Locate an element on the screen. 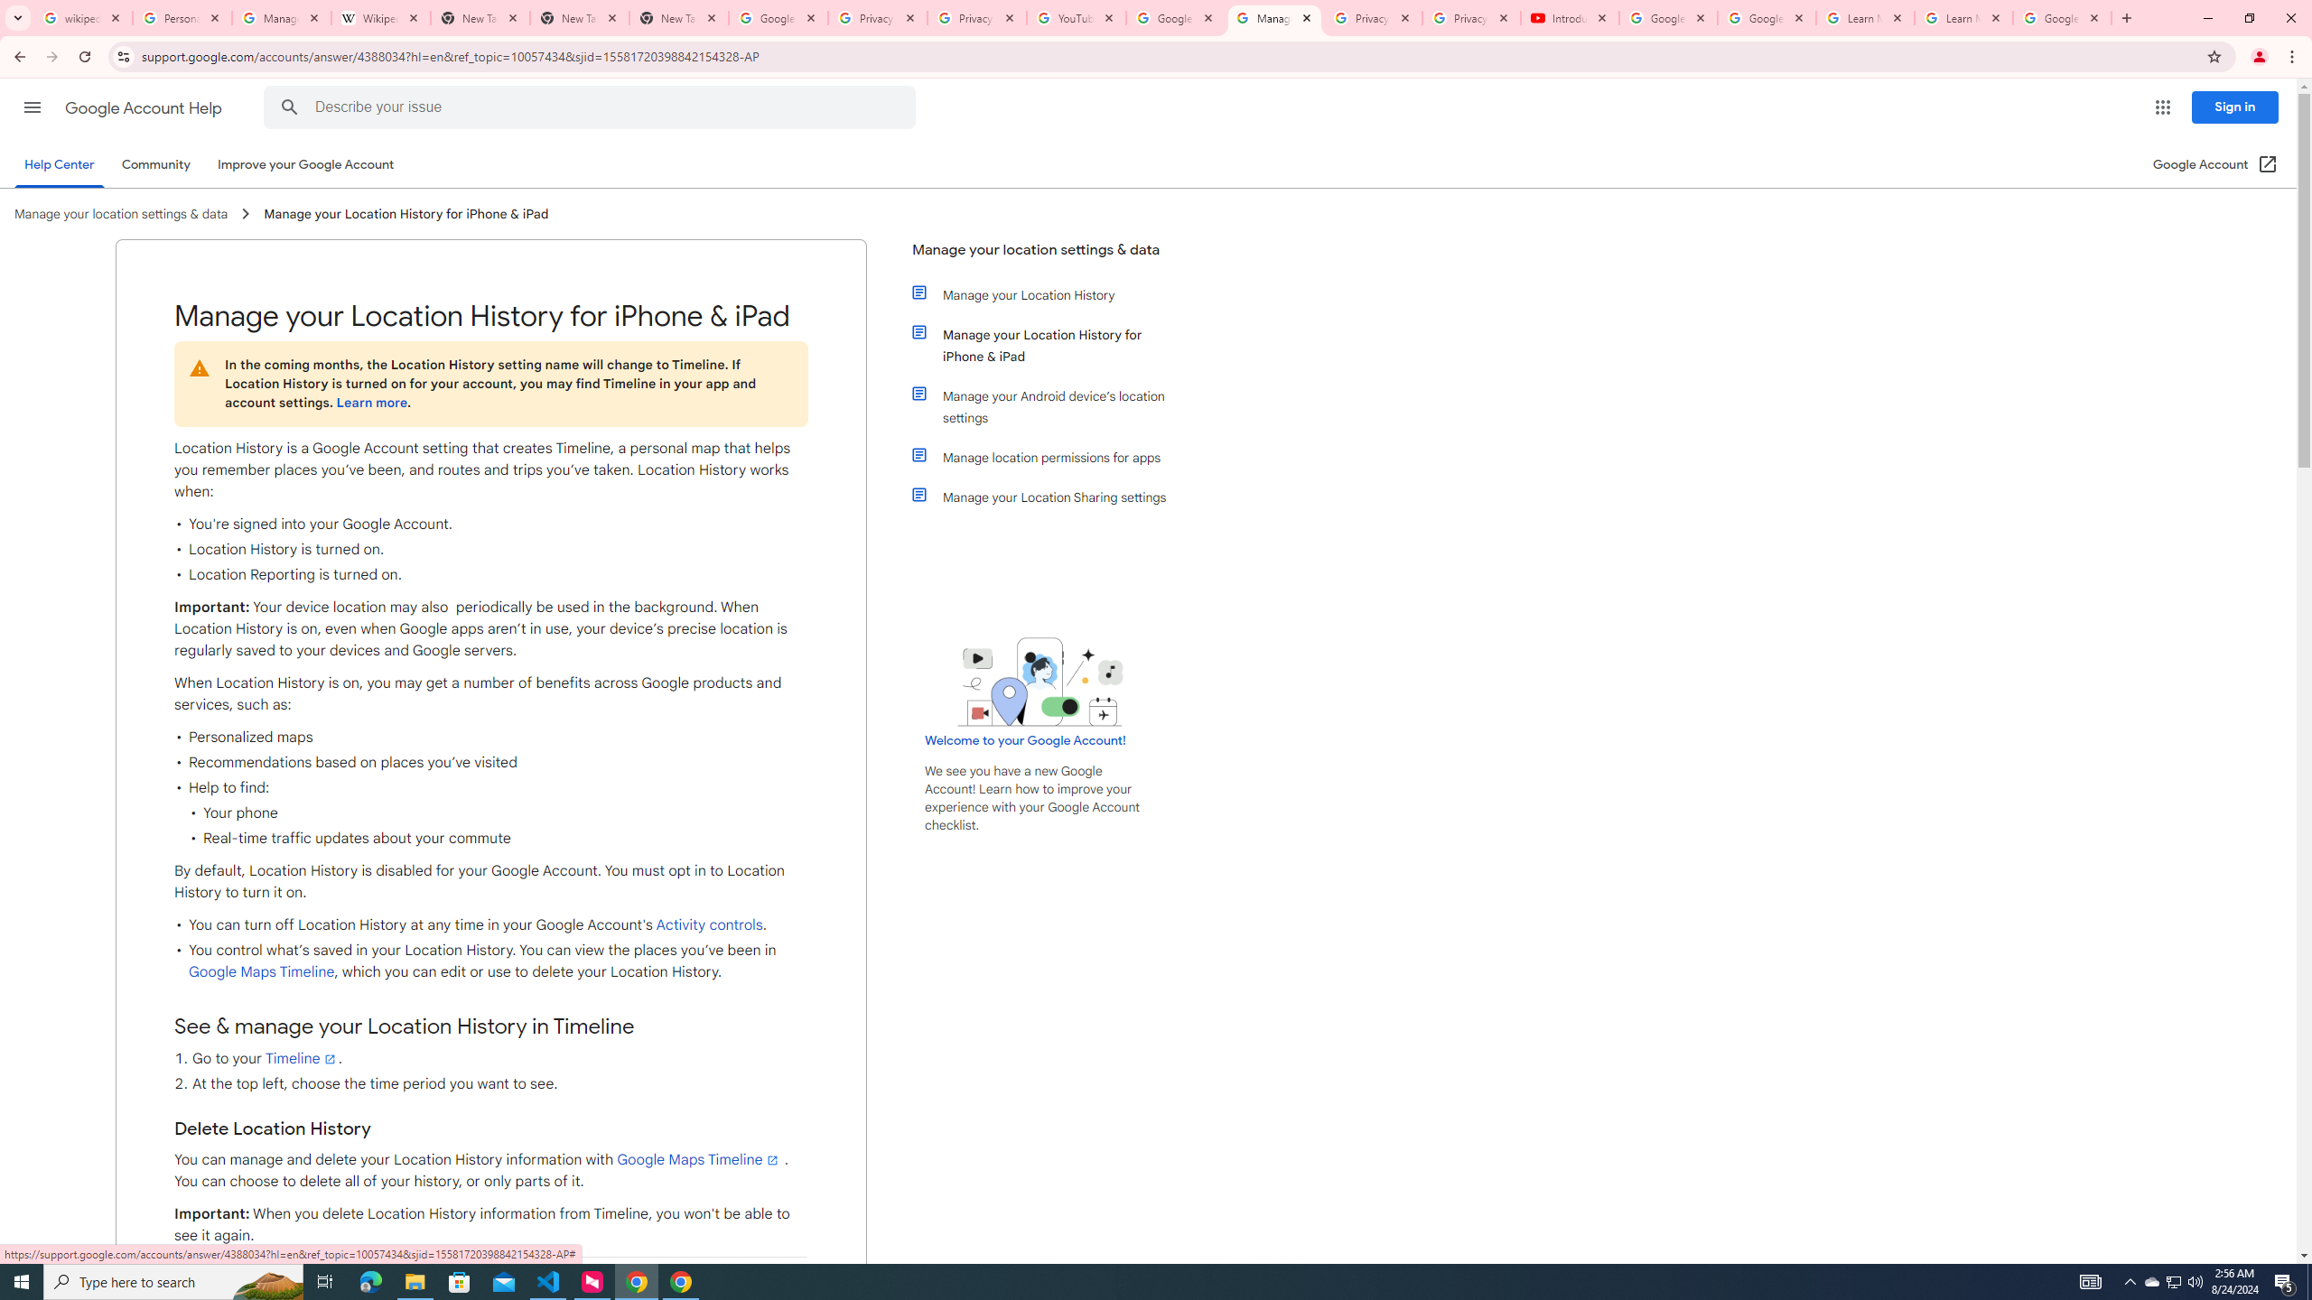 The height and width of the screenshot is (1300, 2312). 'Community' is located at coordinates (154, 163).